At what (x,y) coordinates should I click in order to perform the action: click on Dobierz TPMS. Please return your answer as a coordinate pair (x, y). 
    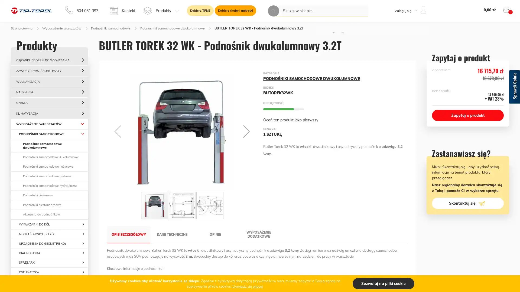
    Looking at the image, I should click on (200, 11).